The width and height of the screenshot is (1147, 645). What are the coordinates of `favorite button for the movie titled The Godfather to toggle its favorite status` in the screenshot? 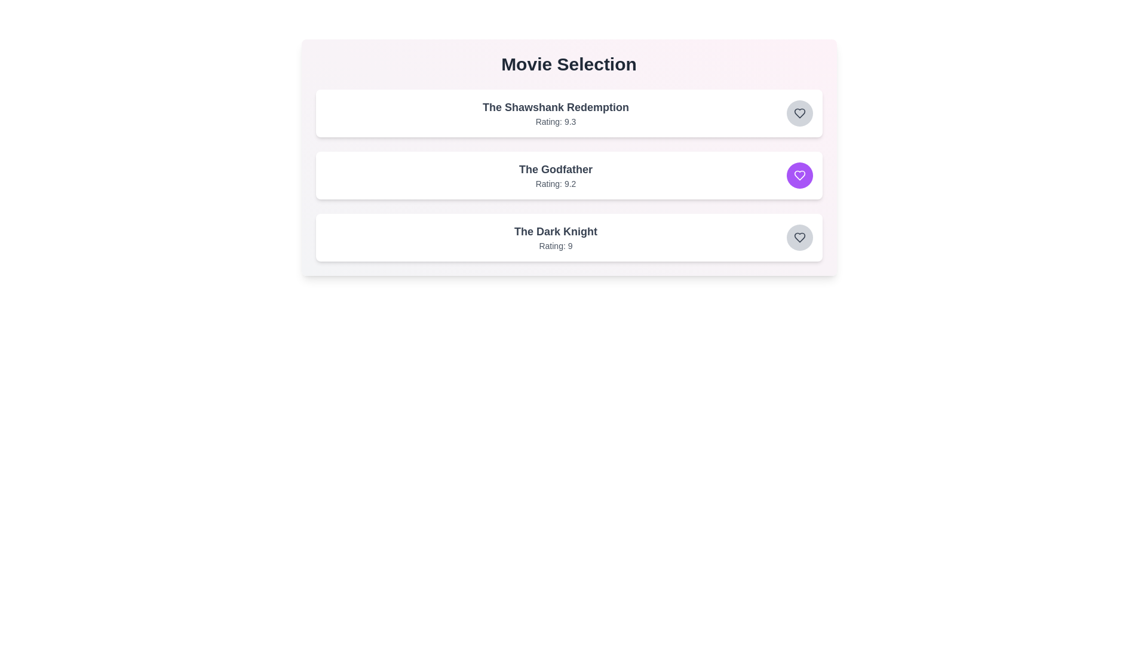 It's located at (799, 175).